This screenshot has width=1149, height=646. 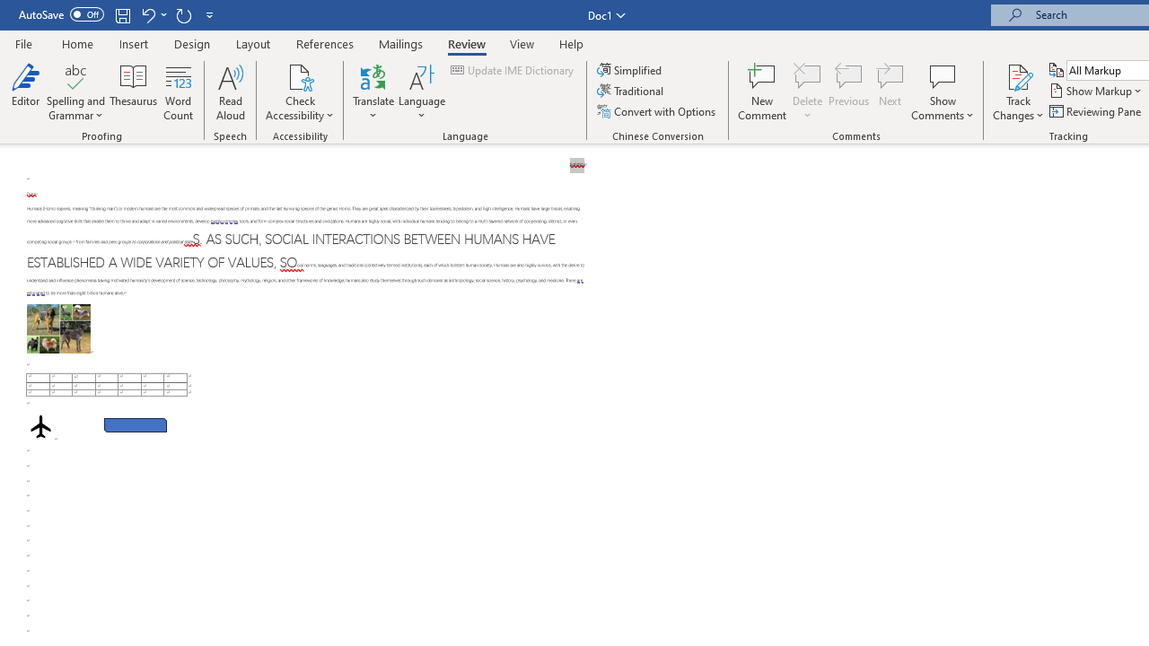 I want to click on 'Save', so click(x=121, y=14).